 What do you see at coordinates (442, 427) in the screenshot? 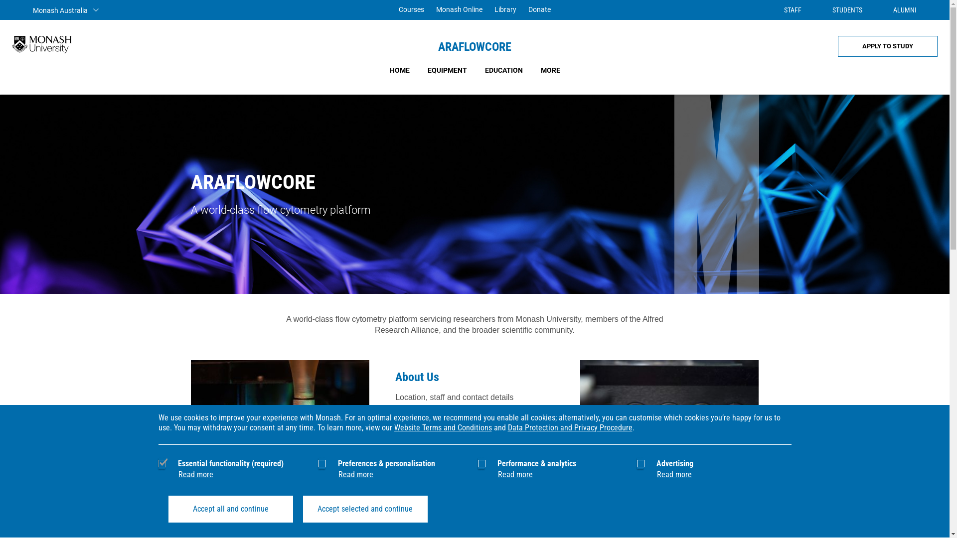
I see `'Website Terms and Conditions'` at bounding box center [442, 427].